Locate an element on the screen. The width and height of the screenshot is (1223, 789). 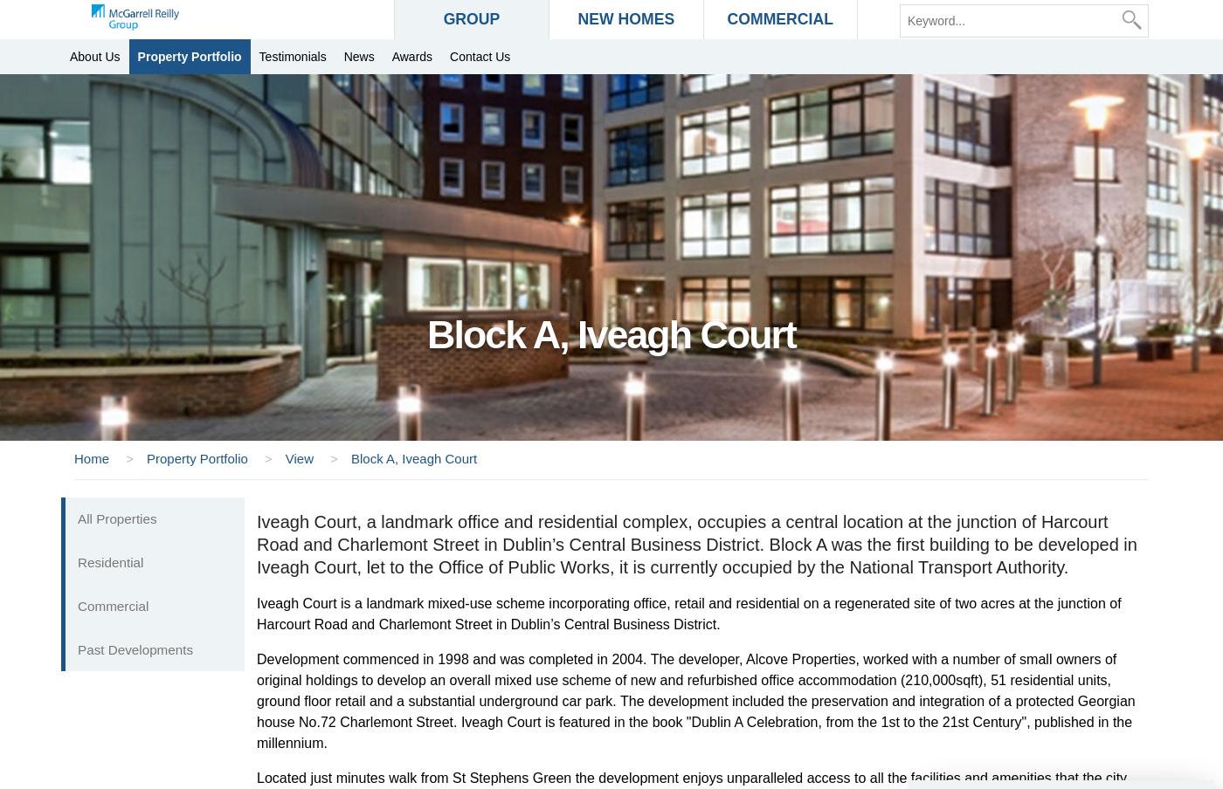
'Testimonials' is located at coordinates (292, 56).